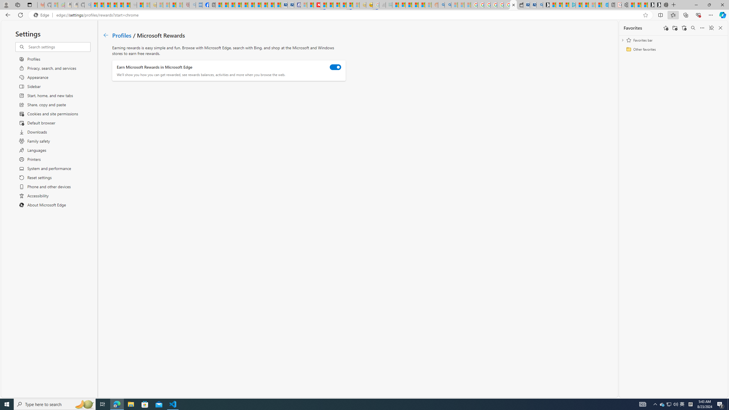 Image resolution: width=729 pixels, height=410 pixels. Describe the element at coordinates (238, 5) in the screenshot. I see `'Climate Damage Becomes Too Severe To Reverse'` at that location.